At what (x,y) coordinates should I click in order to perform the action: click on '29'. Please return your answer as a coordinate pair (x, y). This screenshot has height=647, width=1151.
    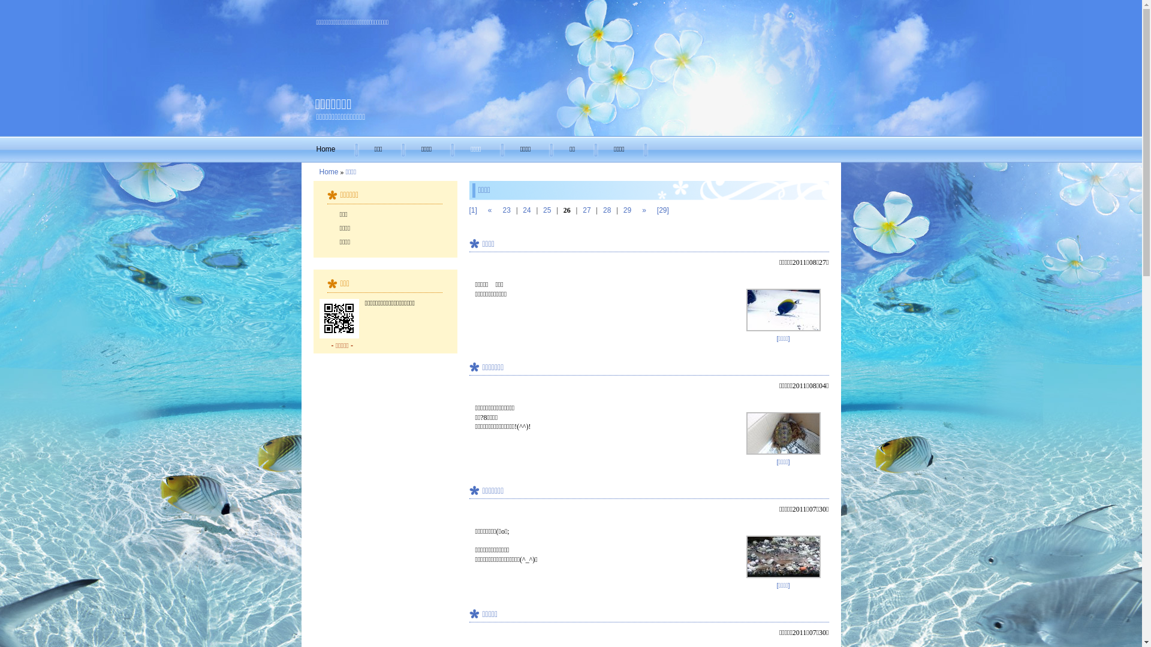
    Looking at the image, I should click on (623, 210).